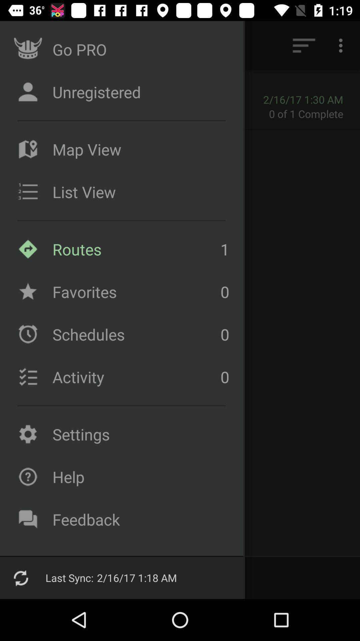 This screenshot has width=360, height=641. I want to click on the feedback icon, so click(139, 519).